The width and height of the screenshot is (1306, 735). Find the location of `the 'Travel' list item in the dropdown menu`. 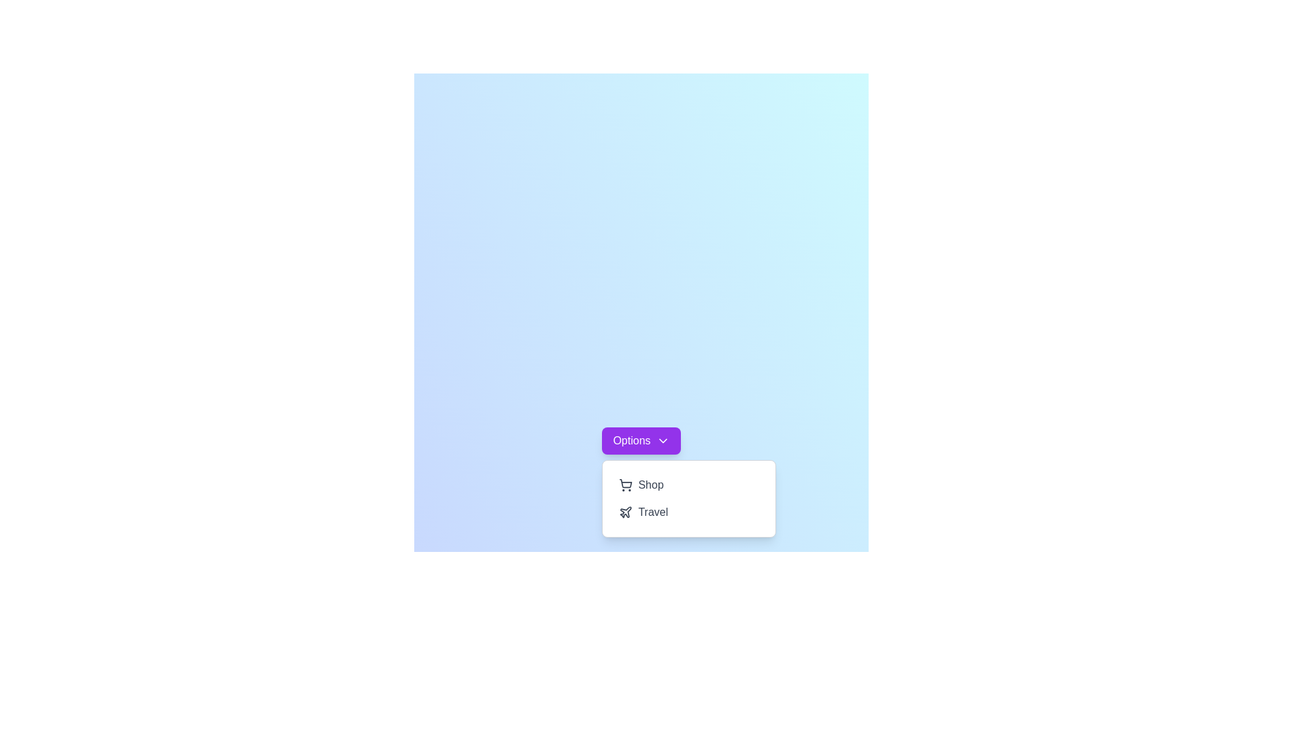

the 'Travel' list item in the dropdown menu is located at coordinates (689, 512).